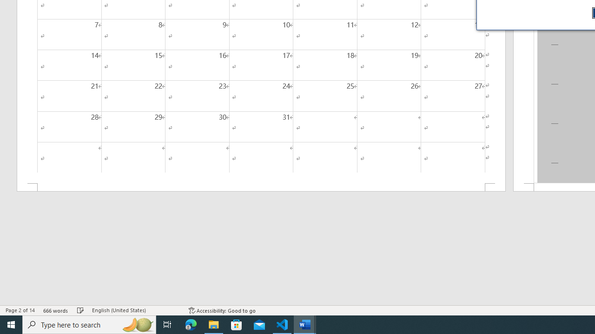  What do you see at coordinates (20, 310) in the screenshot?
I see `'Page Number Page 2 of 14'` at bounding box center [20, 310].